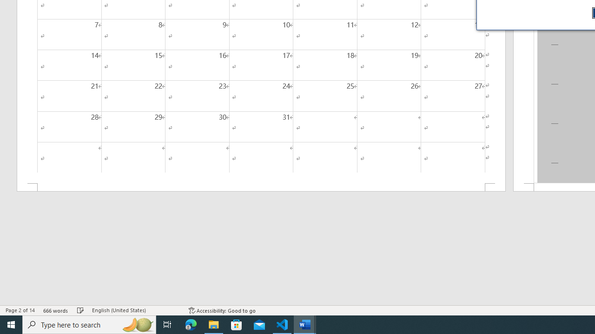  What do you see at coordinates (20, 310) in the screenshot?
I see `'Page Number Page 2 of 14'` at bounding box center [20, 310].